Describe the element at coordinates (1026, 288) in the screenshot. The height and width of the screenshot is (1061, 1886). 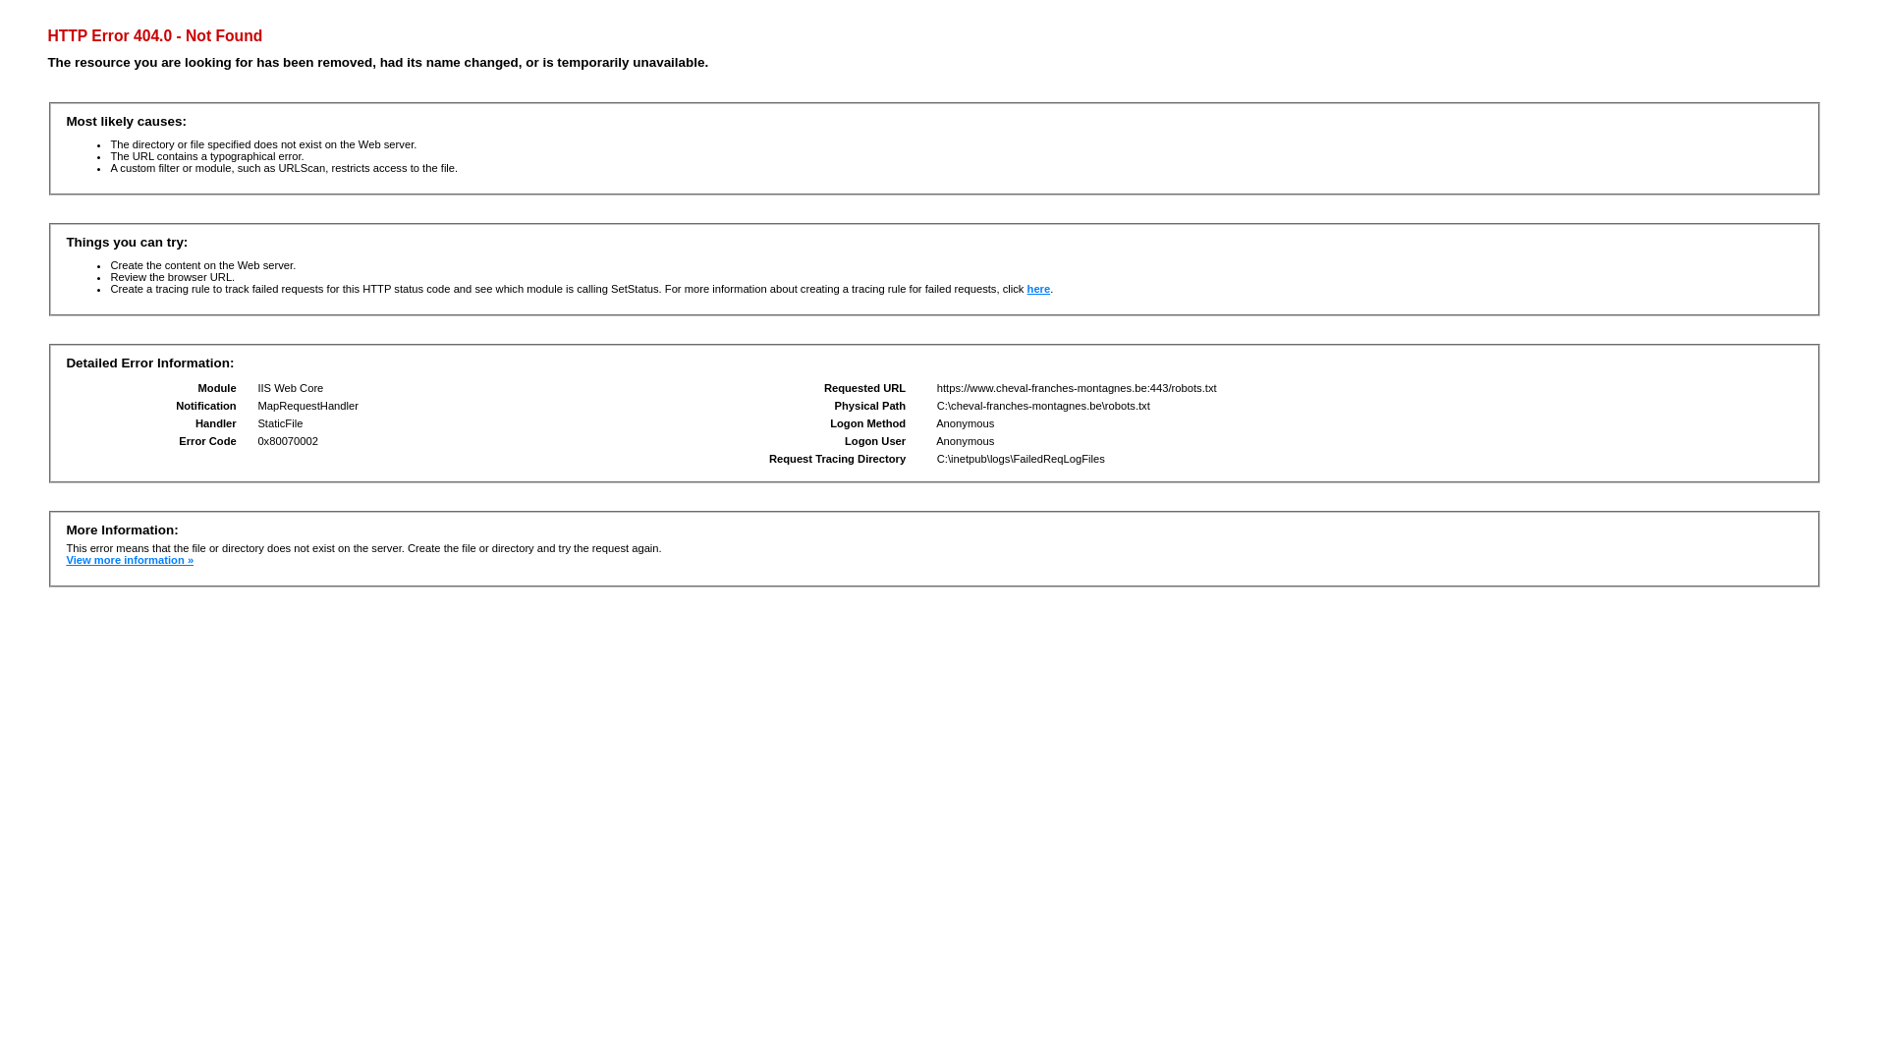
I see `'here'` at that location.